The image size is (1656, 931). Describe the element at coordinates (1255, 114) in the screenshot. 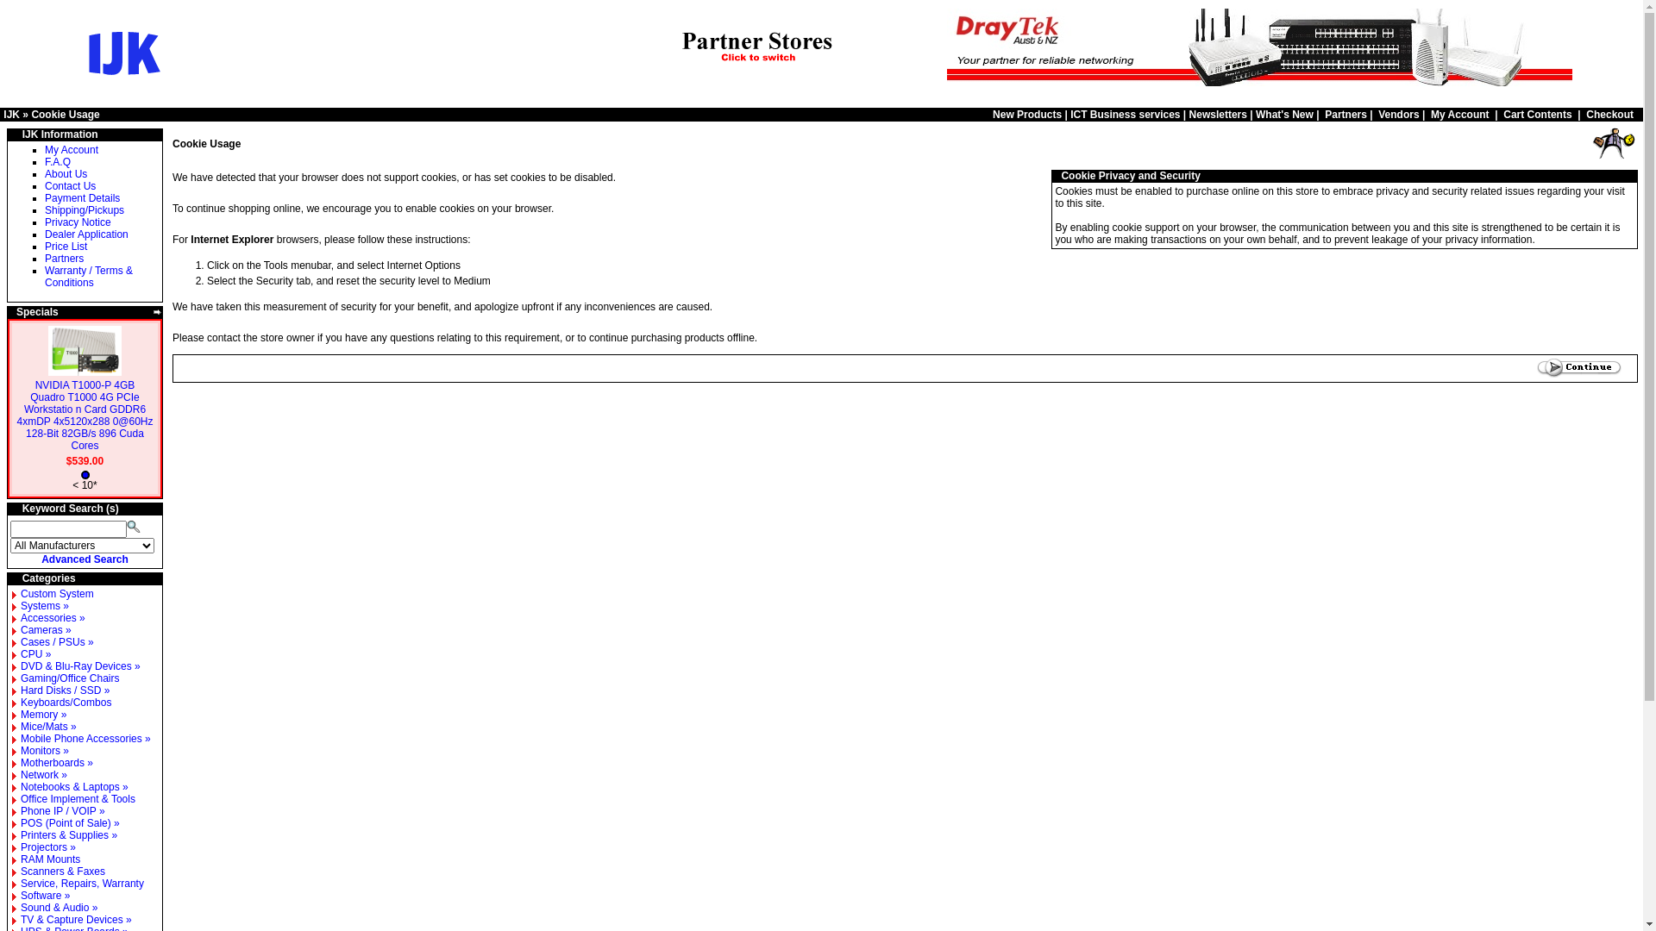

I see `'What's New'` at that location.